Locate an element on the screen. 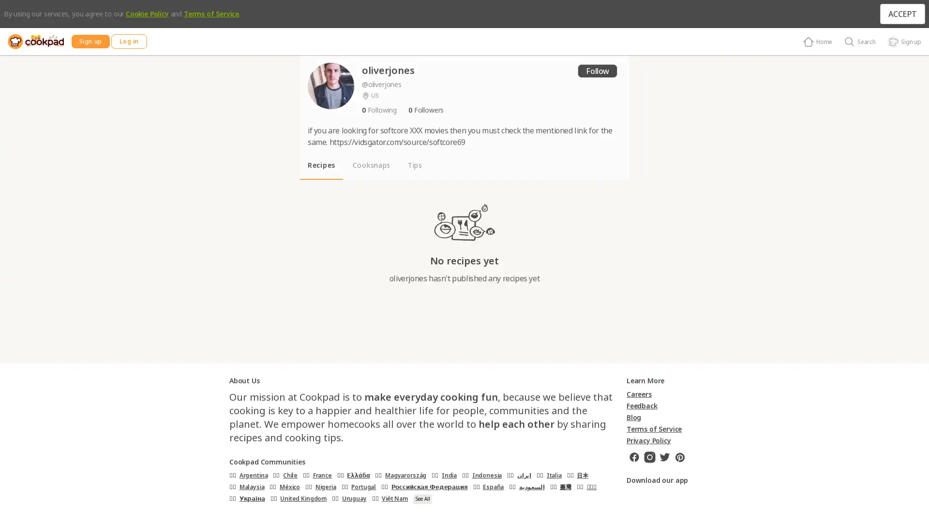  Follow is located at coordinates (597, 70).